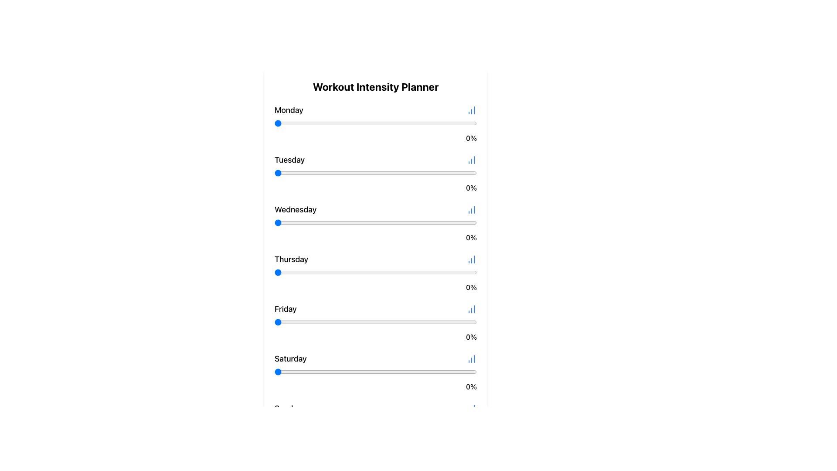 The height and width of the screenshot is (471, 837). Describe the element at coordinates (471, 160) in the screenshot. I see `the bar chart icon with three blue bars located in the 'Workout Intensity Planner' interface, positioned to the far right of the 'Tuesday' label` at that location.